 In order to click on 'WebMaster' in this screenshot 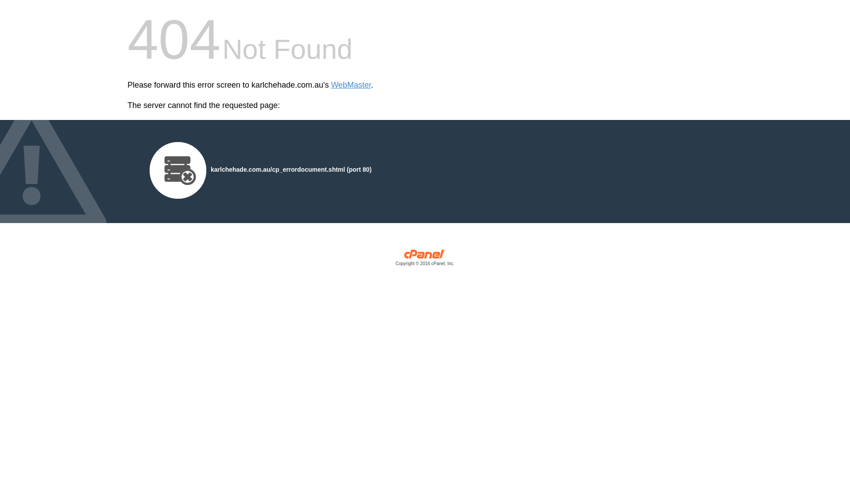, I will do `click(351, 85)`.